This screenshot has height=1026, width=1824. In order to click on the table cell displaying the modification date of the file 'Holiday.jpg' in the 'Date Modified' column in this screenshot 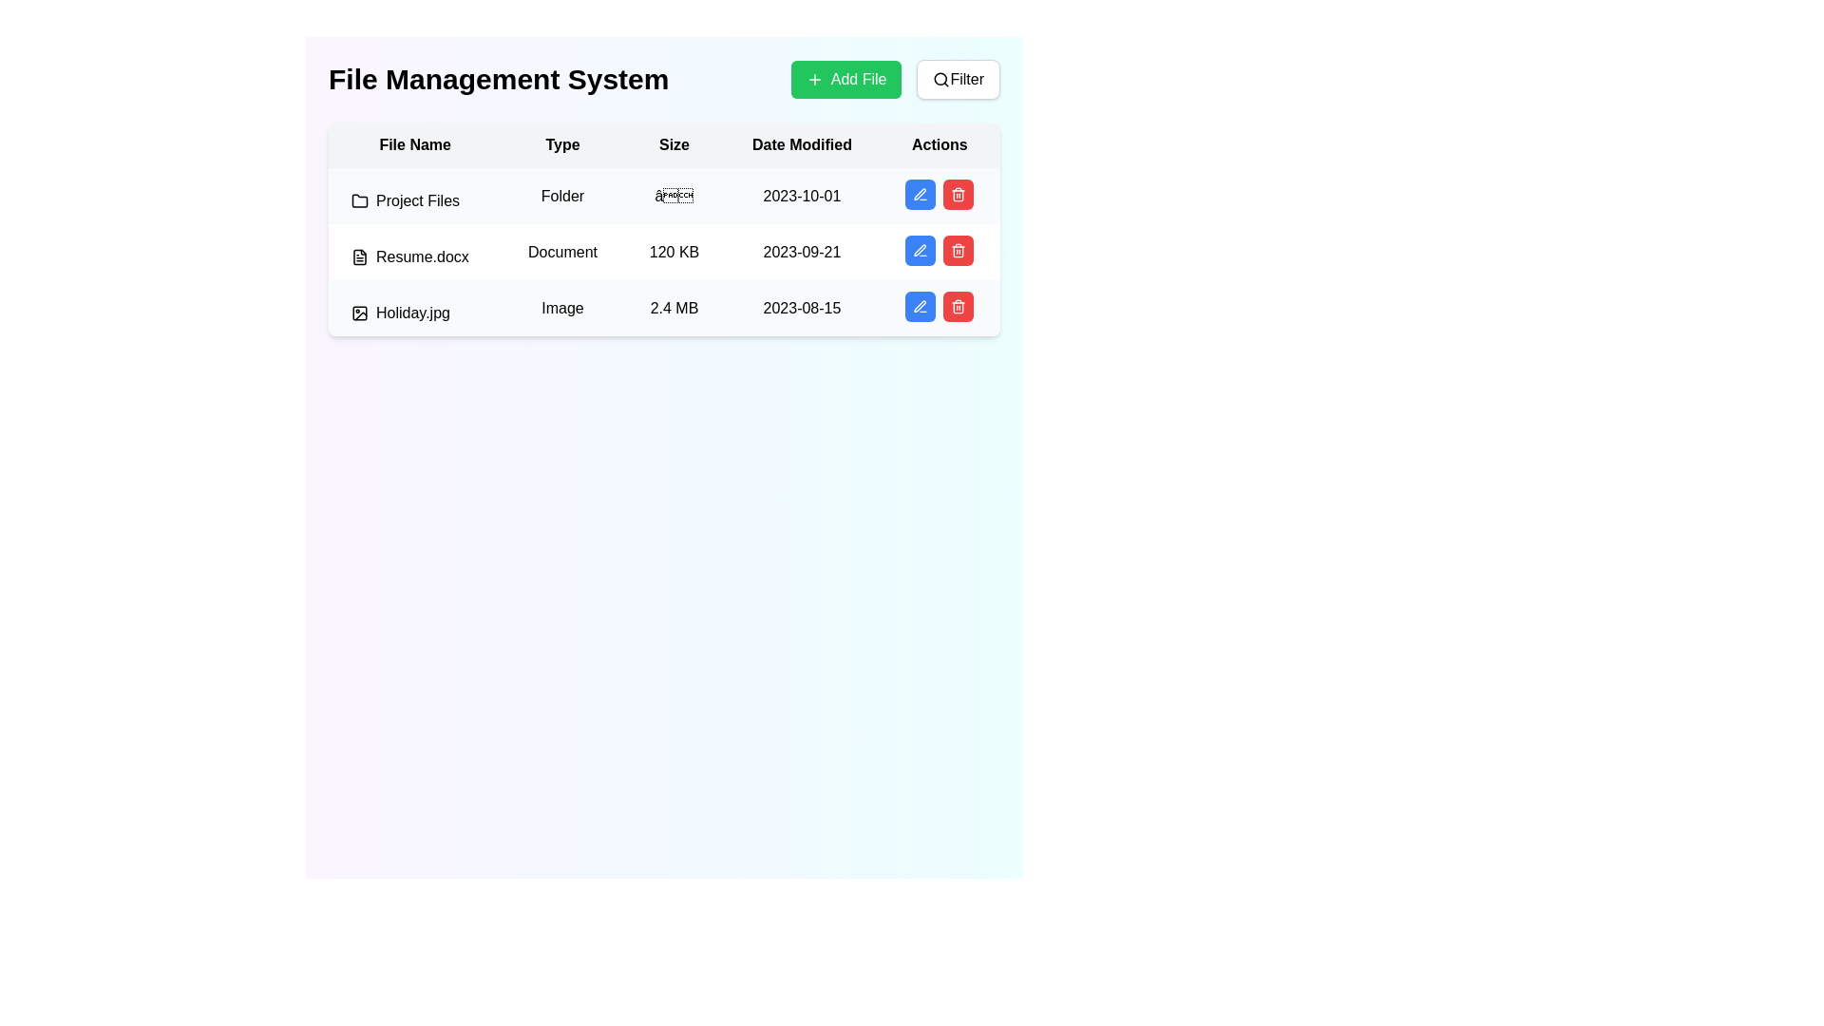, I will do `click(802, 307)`.